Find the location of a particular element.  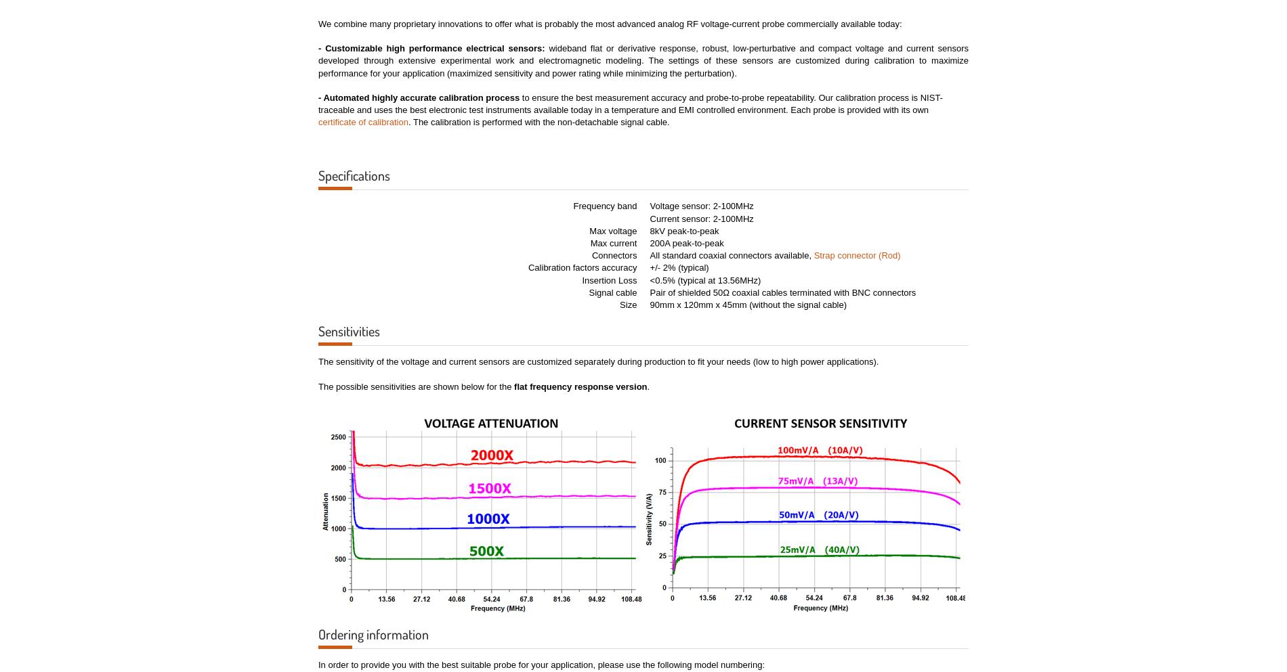

'Voltage sensor: 2-100MHz' is located at coordinates (701, 206).